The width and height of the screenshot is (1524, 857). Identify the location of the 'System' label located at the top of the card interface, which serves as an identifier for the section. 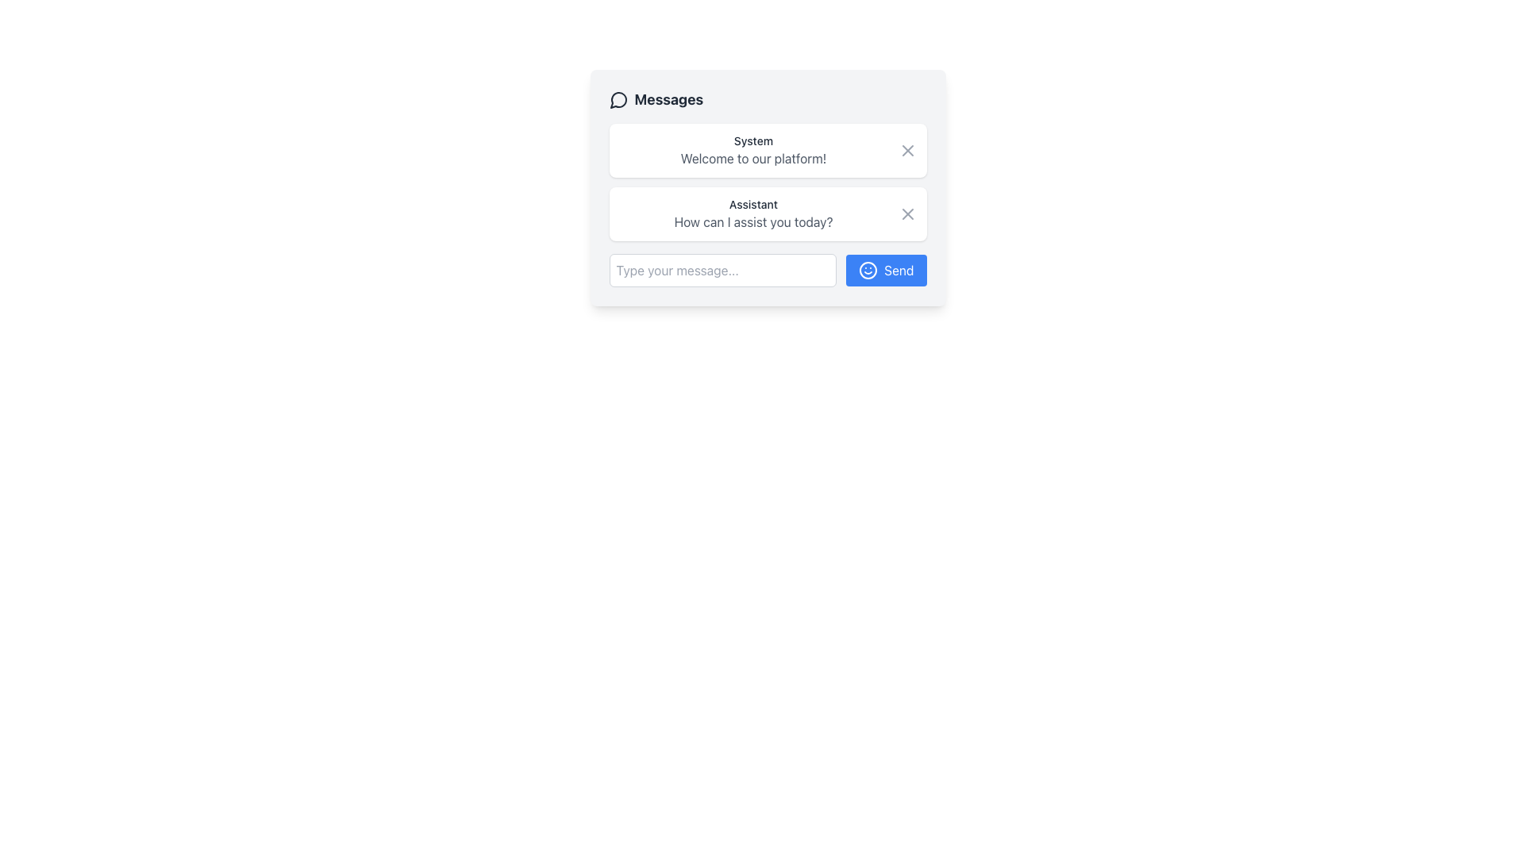
(752, 140).